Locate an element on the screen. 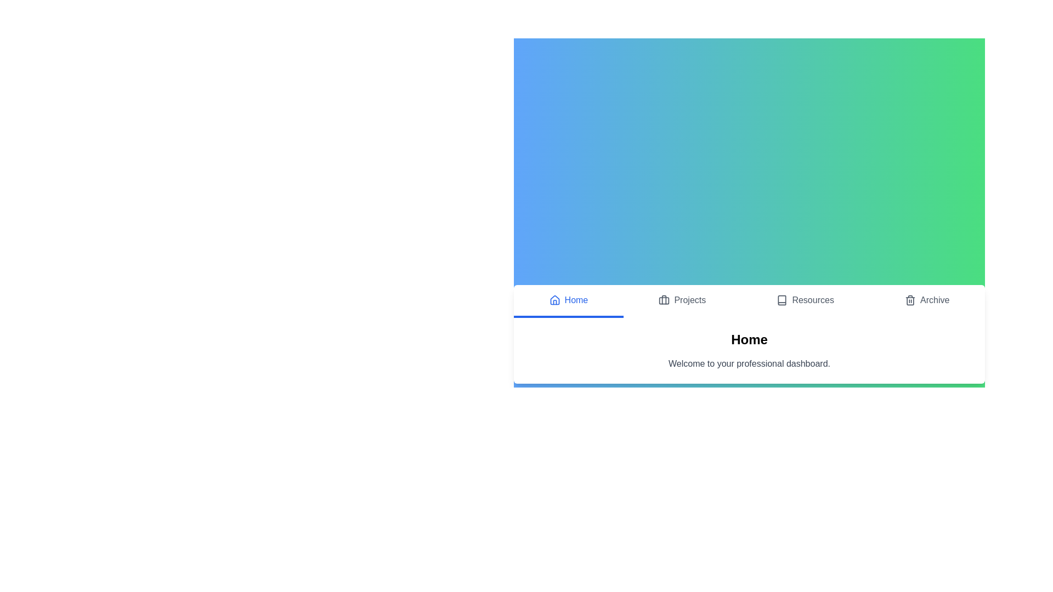 The image size is (1053, 592). the icon of the Archive tab is located at coordinates (910, 300).